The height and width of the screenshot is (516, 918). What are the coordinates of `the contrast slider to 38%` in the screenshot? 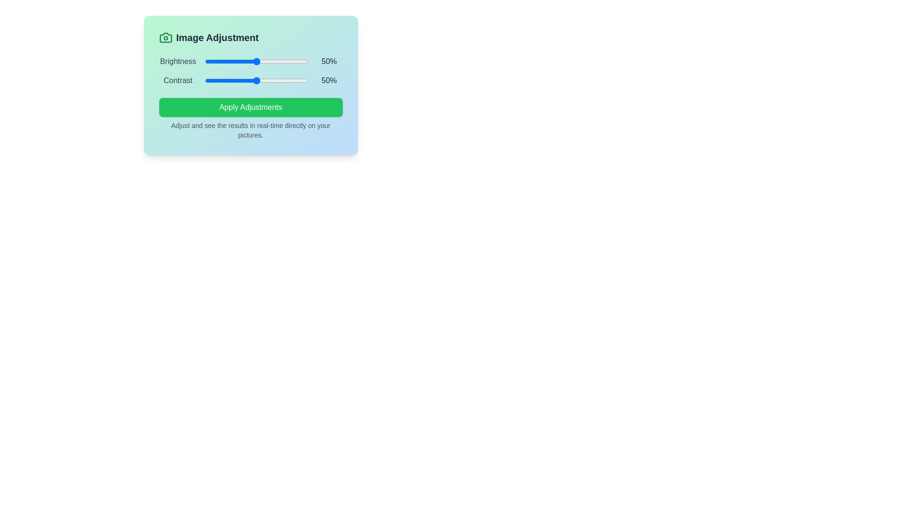 It's located at (244, 80).